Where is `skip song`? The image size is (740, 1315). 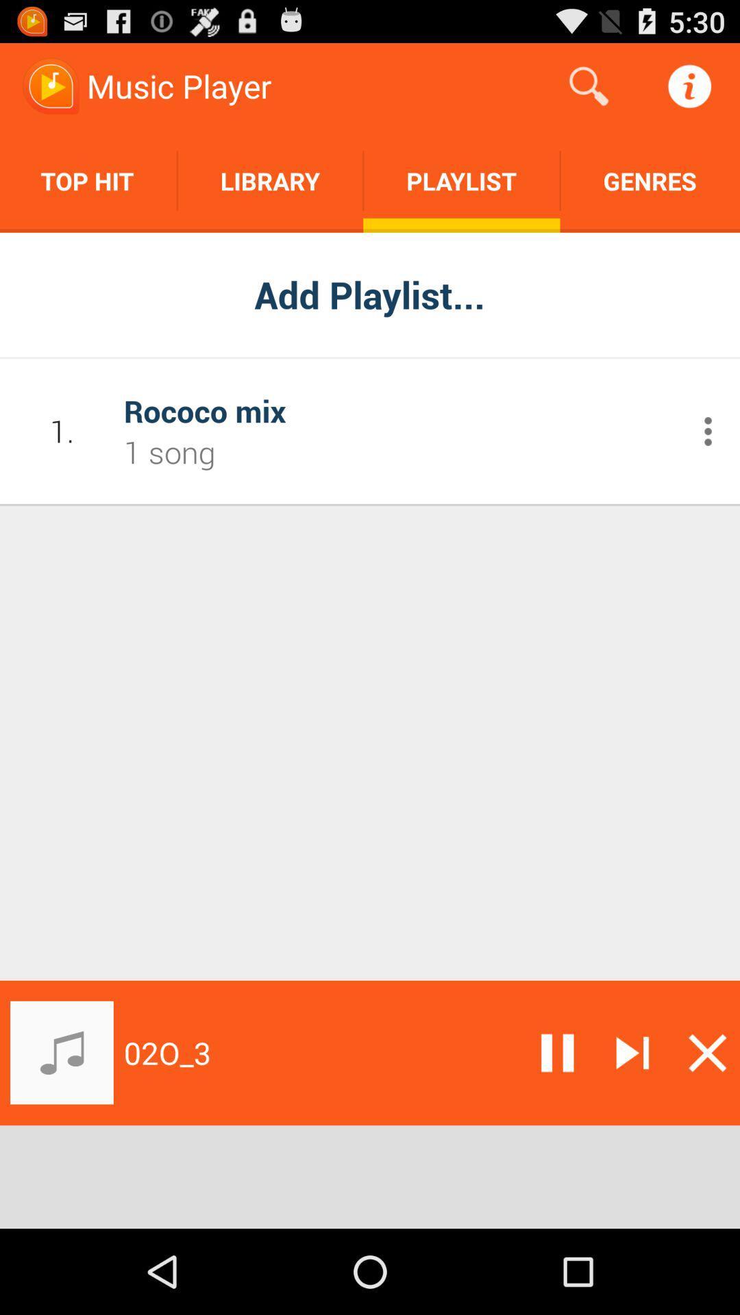
skip song is located at coordinates (632, 1052).